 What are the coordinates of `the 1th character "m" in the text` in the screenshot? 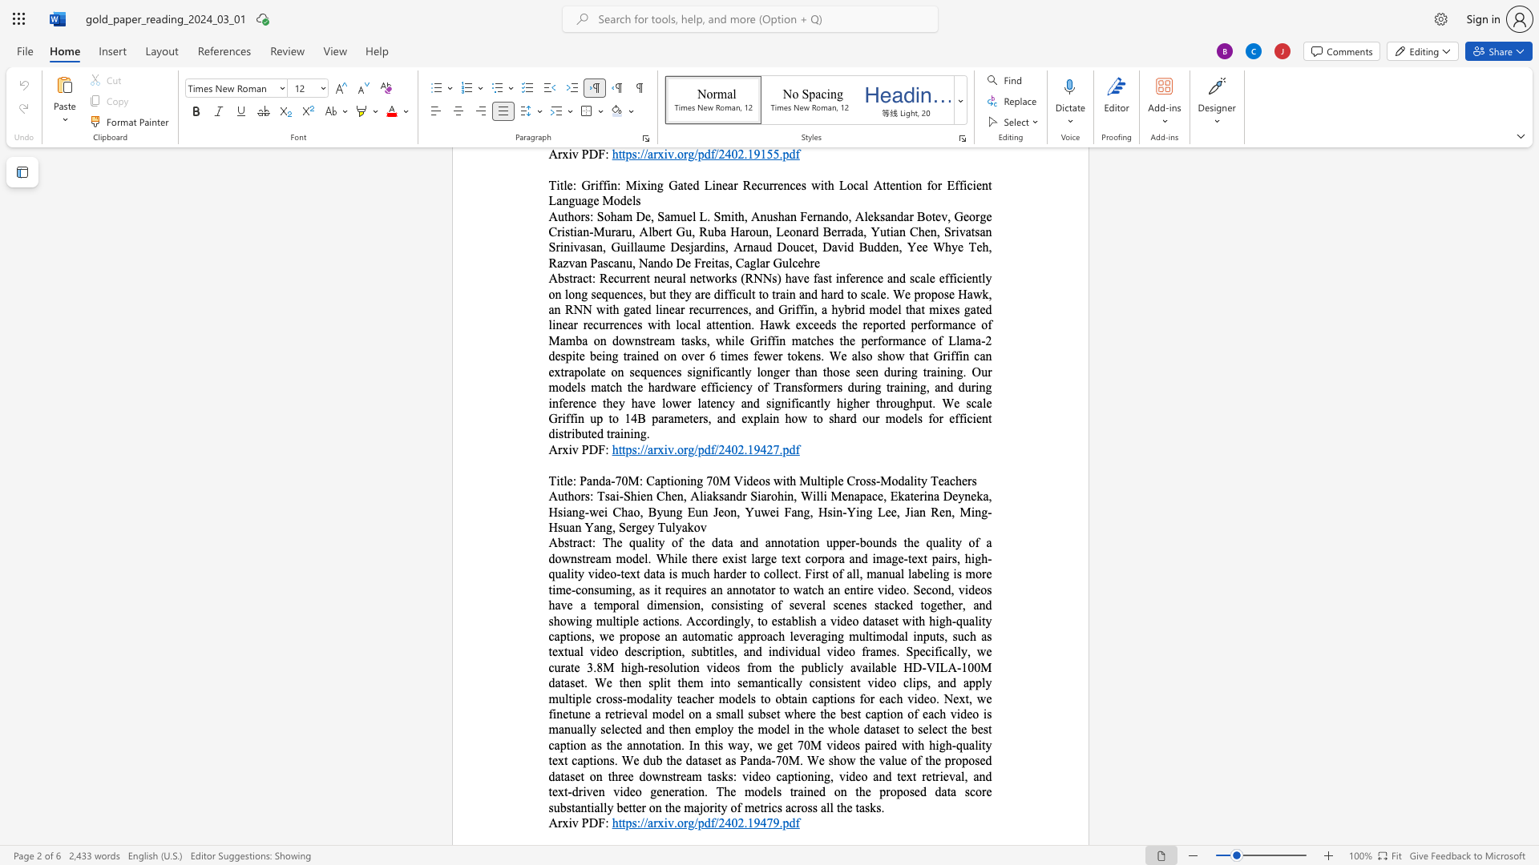 It's located at (697, 775).